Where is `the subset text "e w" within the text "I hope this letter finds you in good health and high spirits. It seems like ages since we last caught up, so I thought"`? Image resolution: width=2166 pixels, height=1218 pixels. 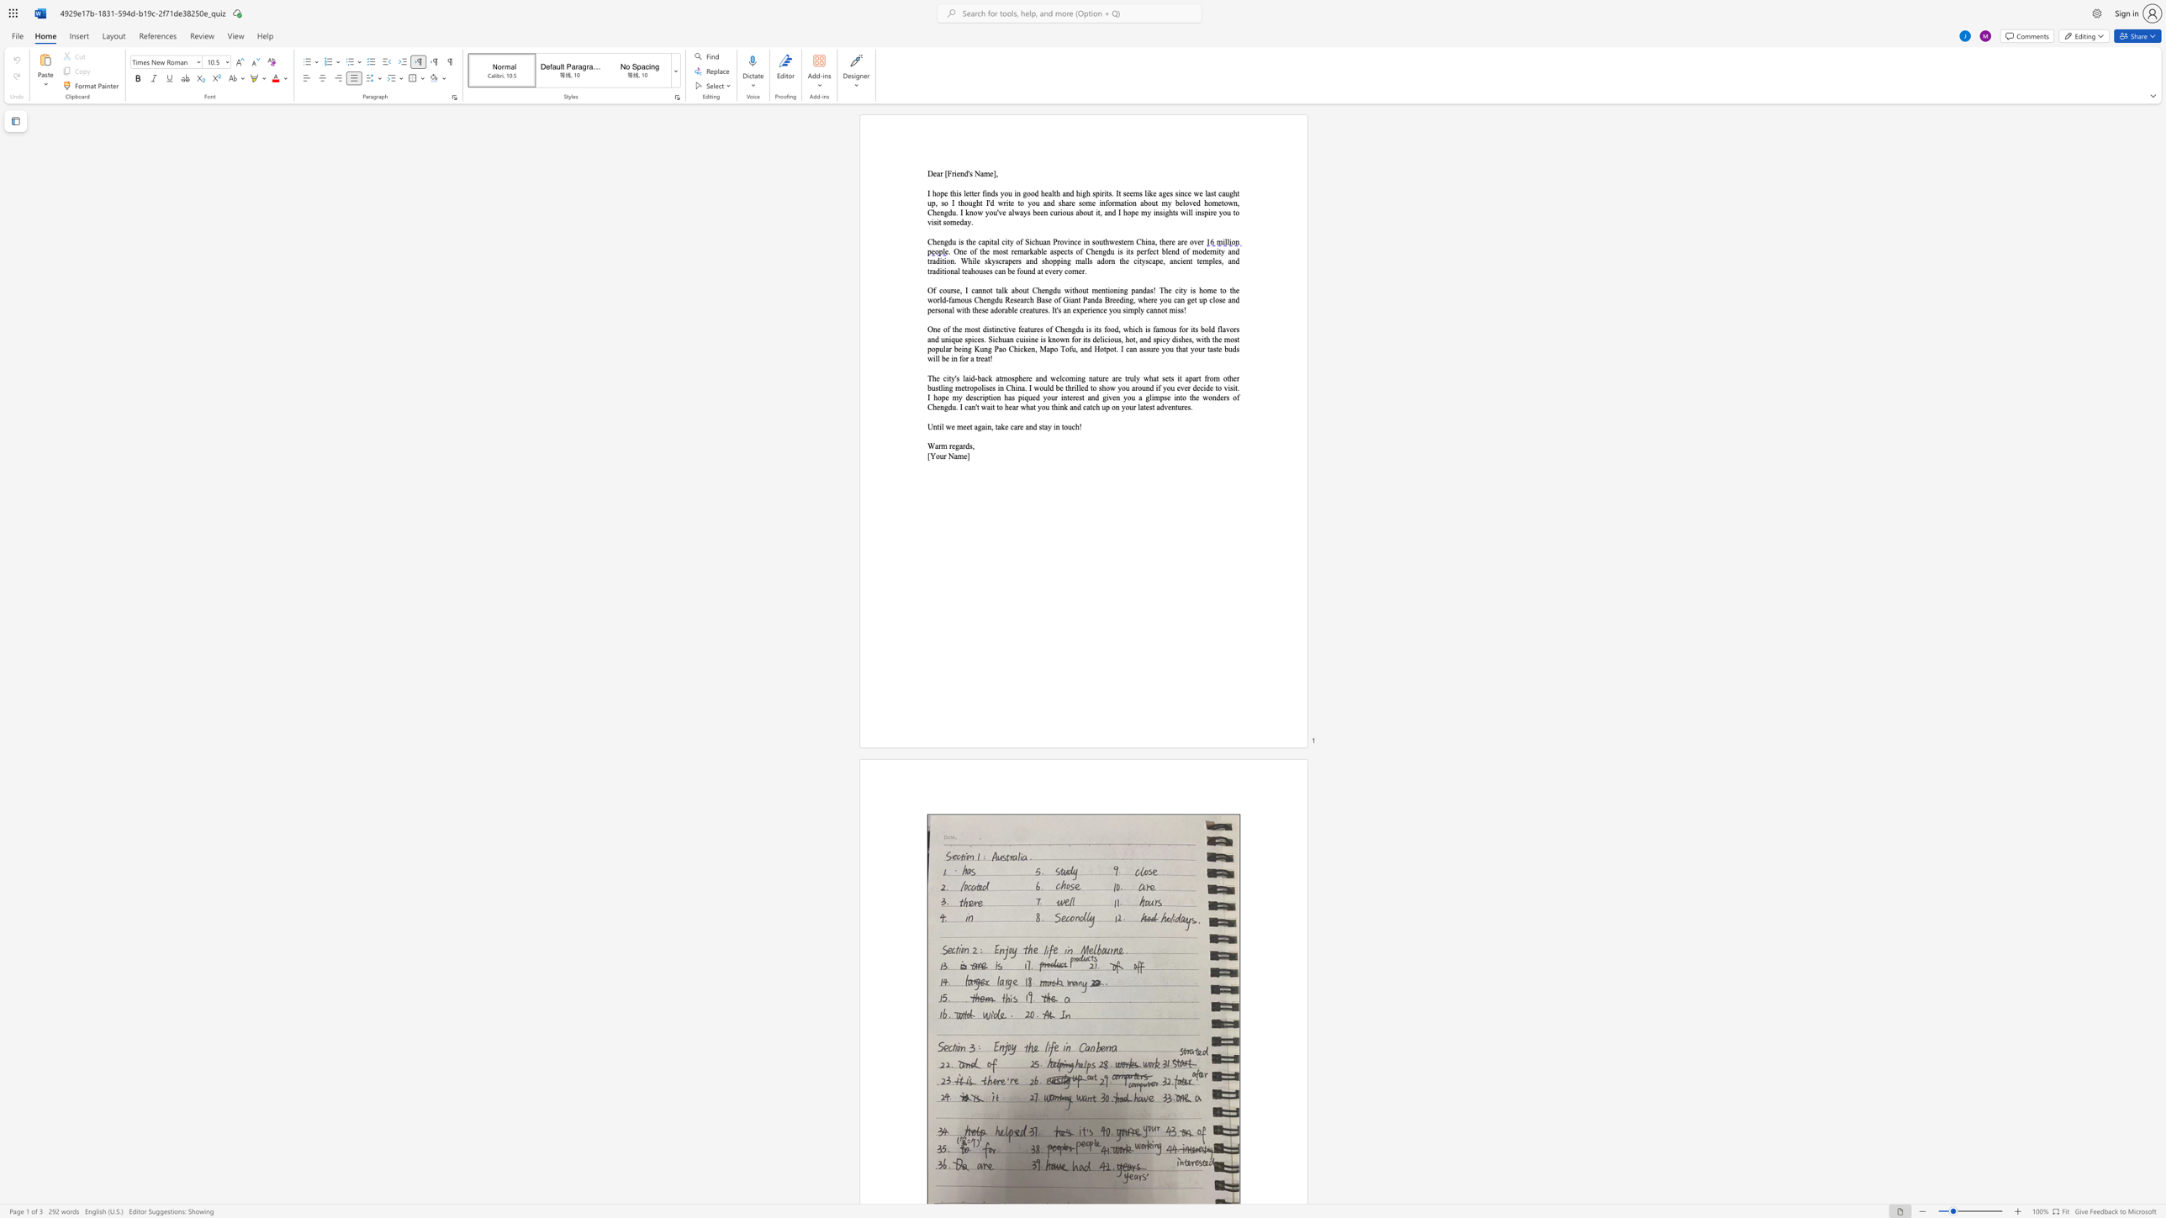
the subset text "e w" within the text "I hope this letter finds you in good health and high spirits. It seems like ages since we last caught up, so I thought" is located at coordinates (1187, 192).